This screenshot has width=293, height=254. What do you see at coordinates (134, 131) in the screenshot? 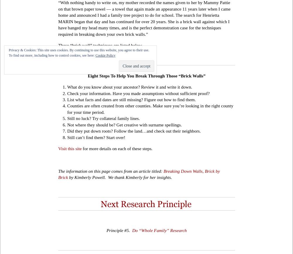
I see `'Did they put down roots? Follow the land…and check out their neighbors.'` at bounding box center [134, 131].